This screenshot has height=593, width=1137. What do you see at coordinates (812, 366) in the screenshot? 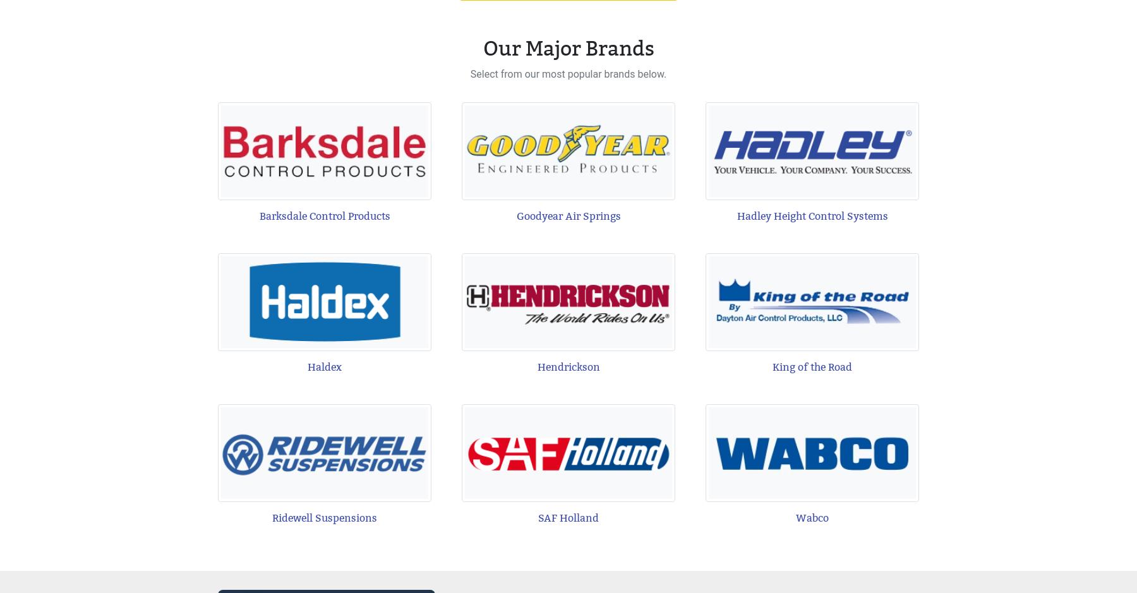
I see `'King of the Road'` at bounding box center [812, 366].